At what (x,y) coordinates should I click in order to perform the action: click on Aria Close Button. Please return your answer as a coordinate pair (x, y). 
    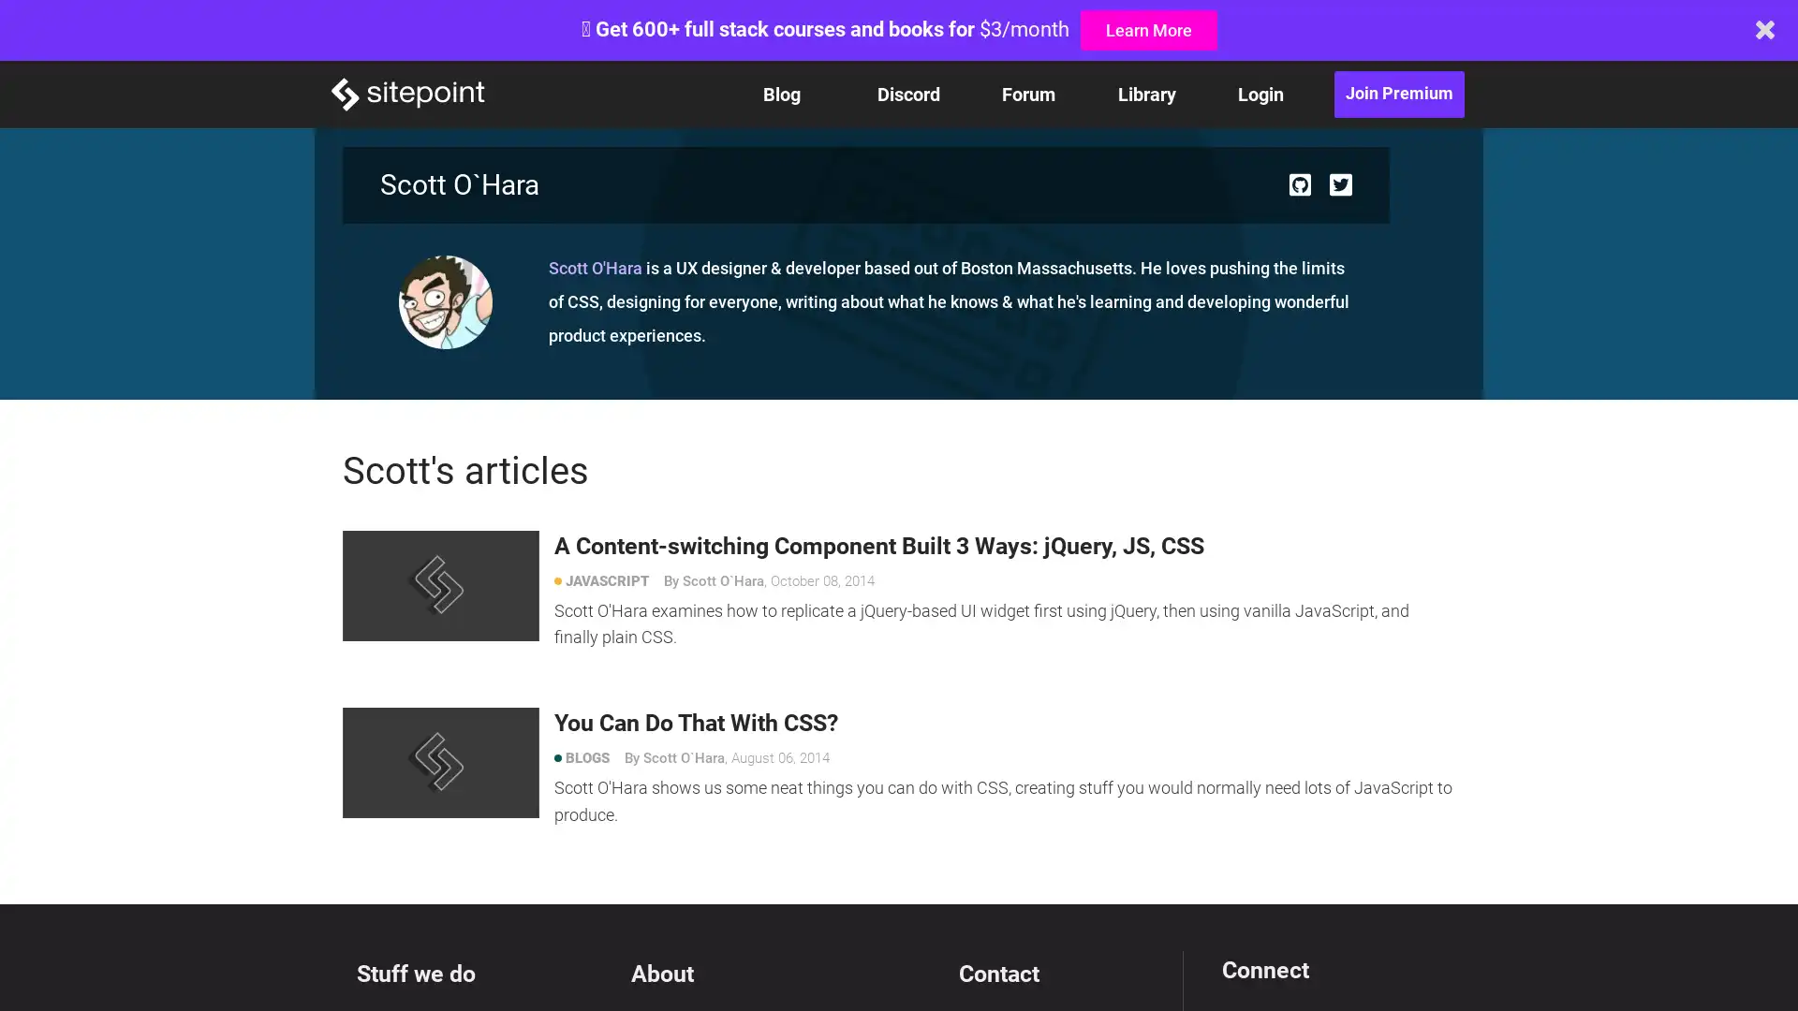
    Looking at the image, I should click on (1764, 29).